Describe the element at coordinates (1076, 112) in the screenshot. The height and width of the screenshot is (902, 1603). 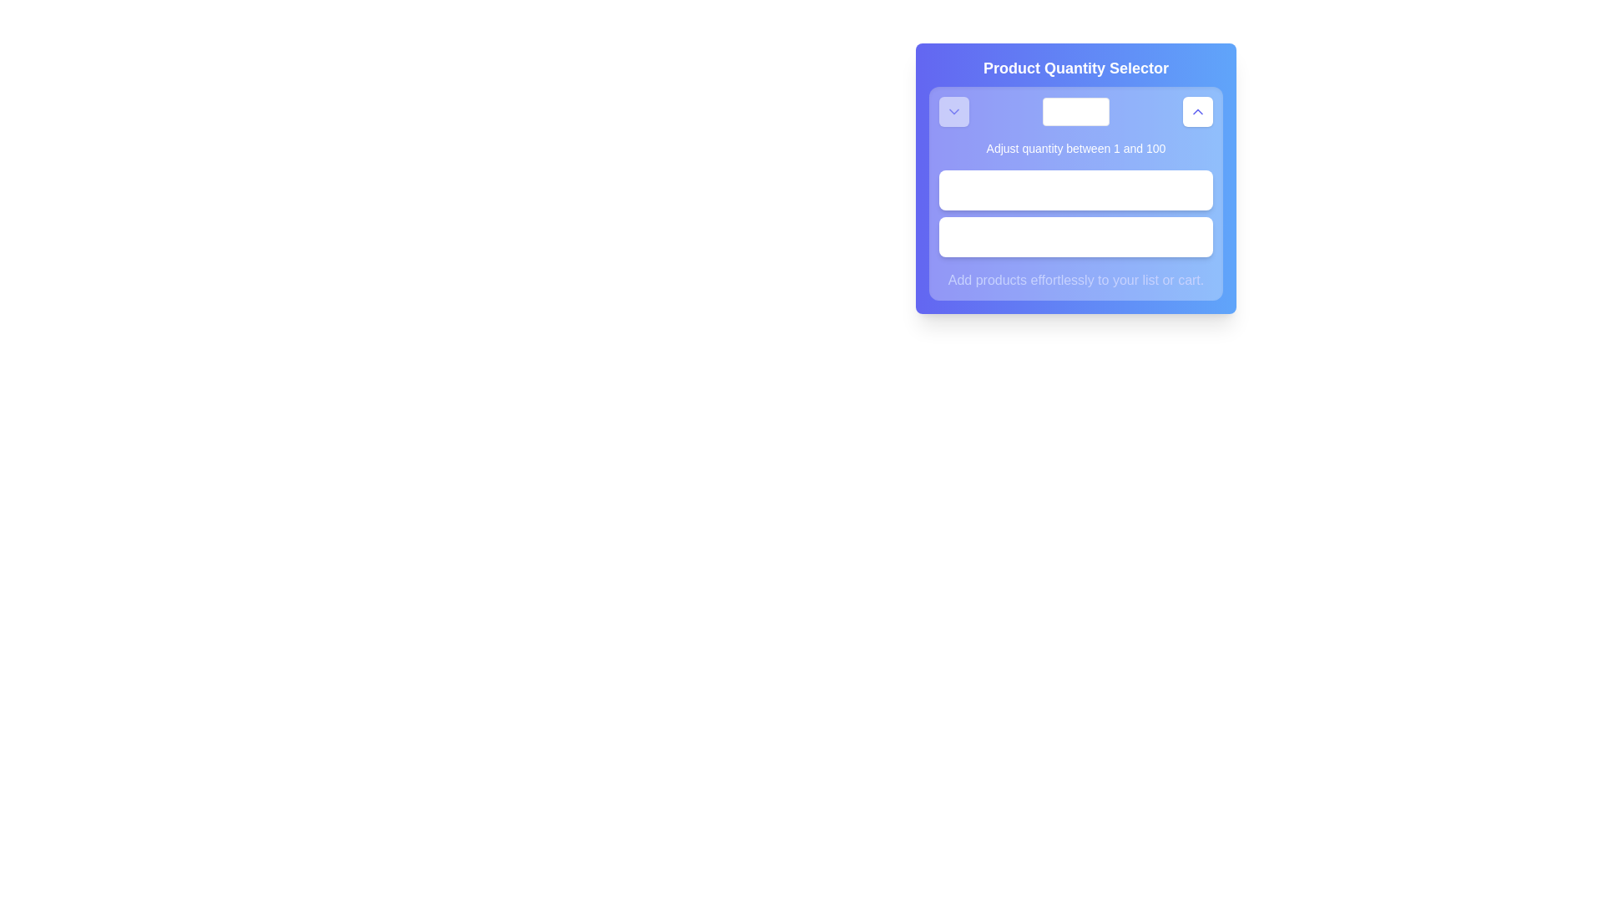
I see `the numeric input field or either of the increment or decrement buttons in the Product Quantity Selector section` at that location.